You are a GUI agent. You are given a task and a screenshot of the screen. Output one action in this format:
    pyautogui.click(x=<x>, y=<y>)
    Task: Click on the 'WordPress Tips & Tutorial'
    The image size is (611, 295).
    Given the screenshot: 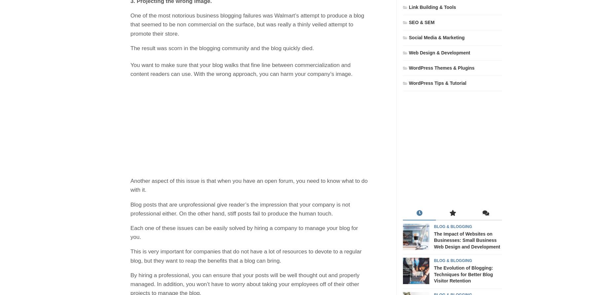 What is the action you would take?
    pyautogui.click(x=409, y=82)
    